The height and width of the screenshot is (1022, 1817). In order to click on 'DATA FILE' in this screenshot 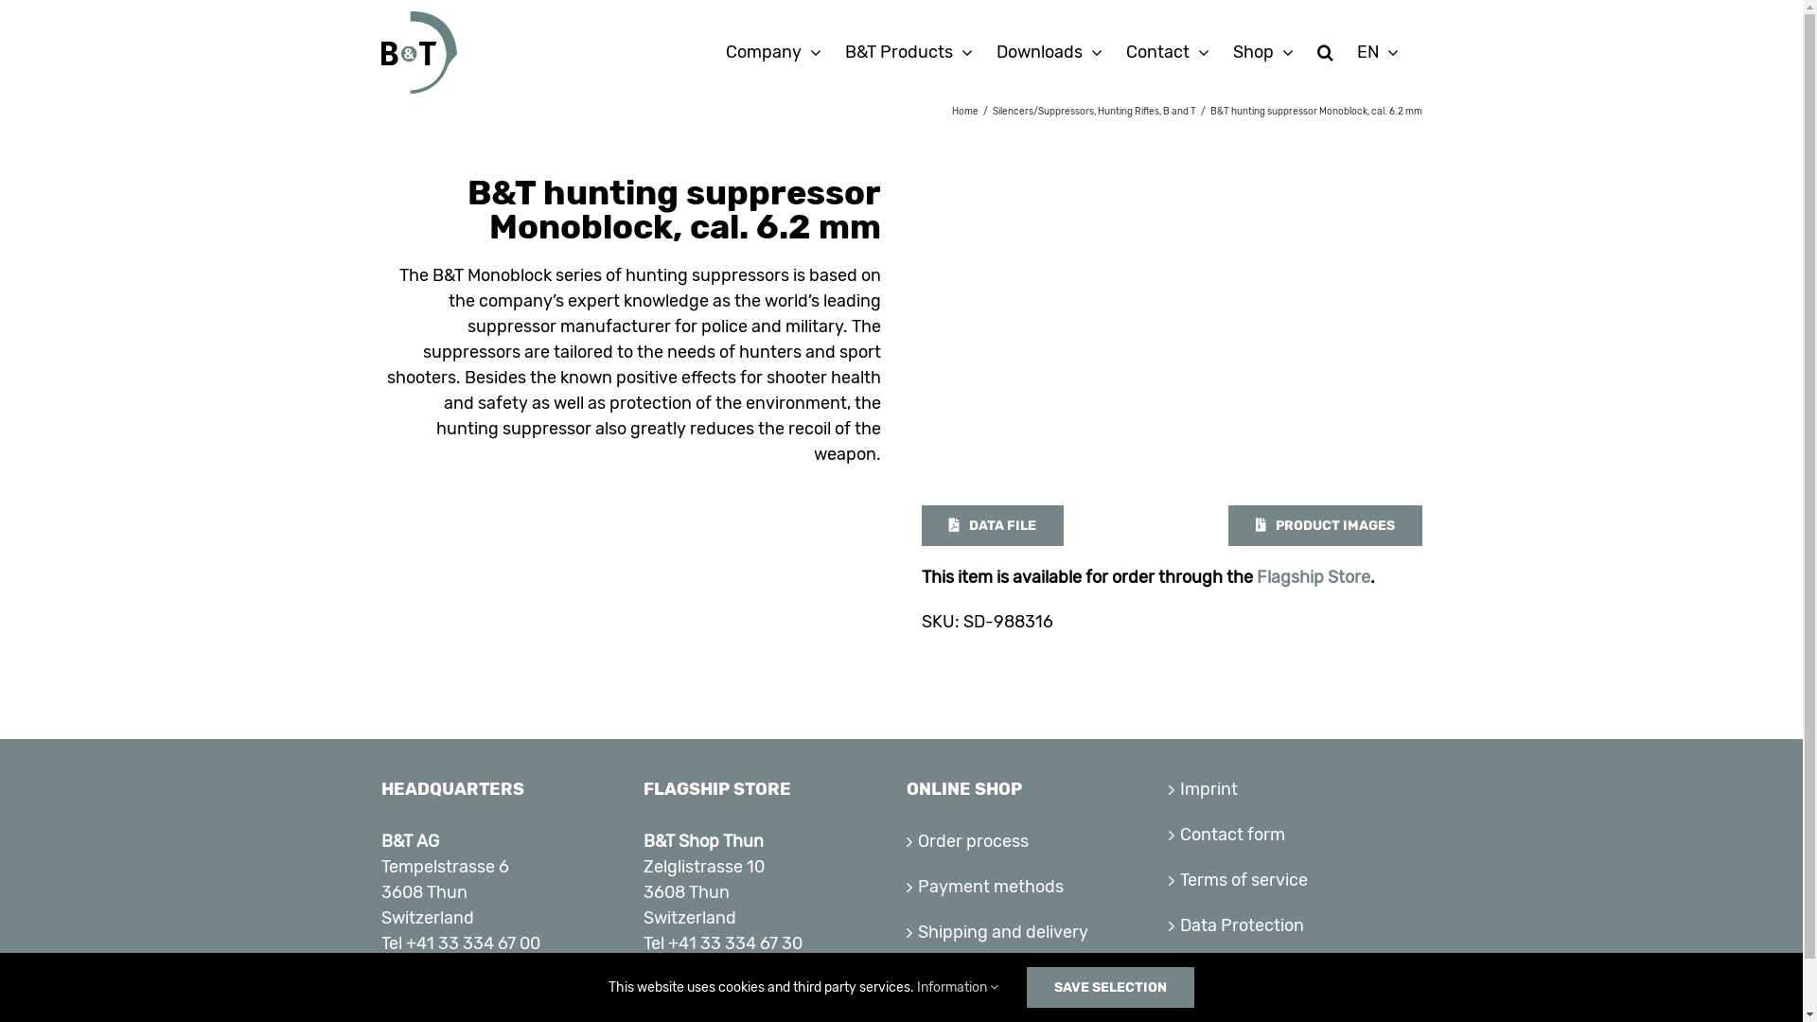, I will do `click(992, 525)`.